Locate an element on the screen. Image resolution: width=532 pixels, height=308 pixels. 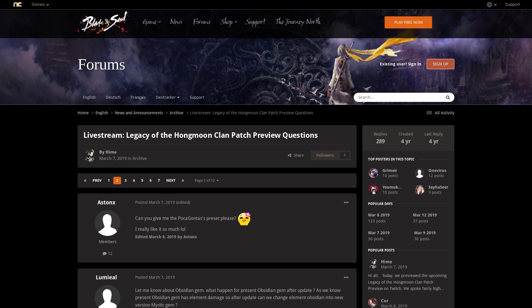
'37 posts' is located at coordinates (420, 220).